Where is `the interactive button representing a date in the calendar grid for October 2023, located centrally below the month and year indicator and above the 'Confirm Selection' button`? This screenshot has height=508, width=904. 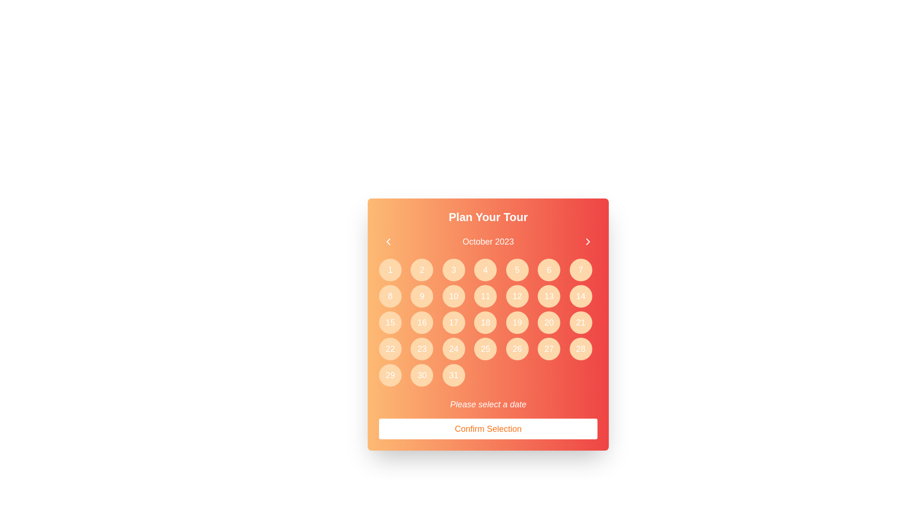
the interactive button representing a date in the calendar grid for October 2023, located centrally below the month and year indicator and above the 'Confirm Selection' button is located at coordinates (488, 322).